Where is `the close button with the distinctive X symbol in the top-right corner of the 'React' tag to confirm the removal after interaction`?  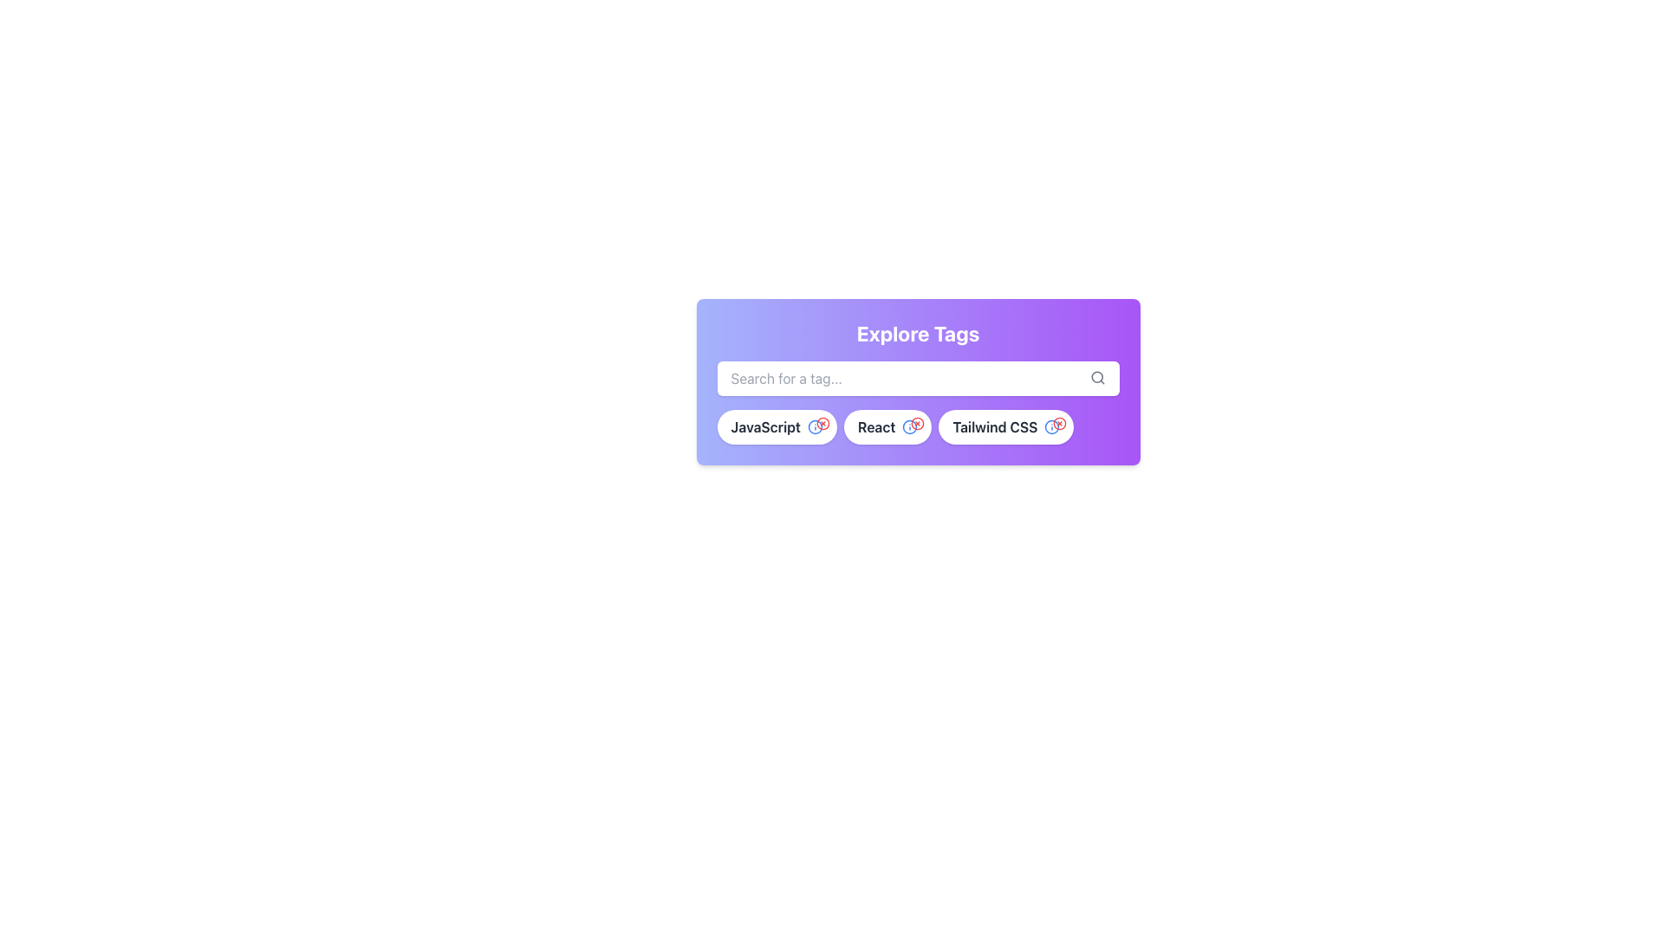 the close button with the distinctive X symbol in the top-right corner of the 'React' tag to confirm the removal after interaction is located at coordinates (917, 424).